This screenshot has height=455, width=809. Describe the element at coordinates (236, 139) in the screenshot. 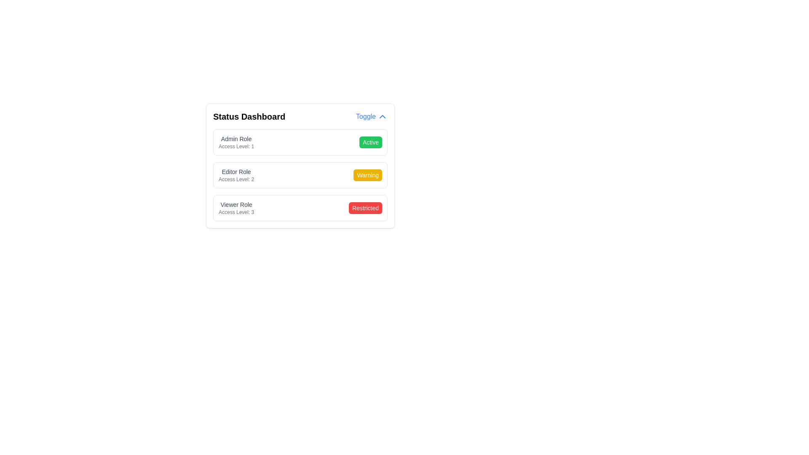

I see `the 'Admin Role' text label located in the first row of the list under the 'Status Dashboard' title` at that location.